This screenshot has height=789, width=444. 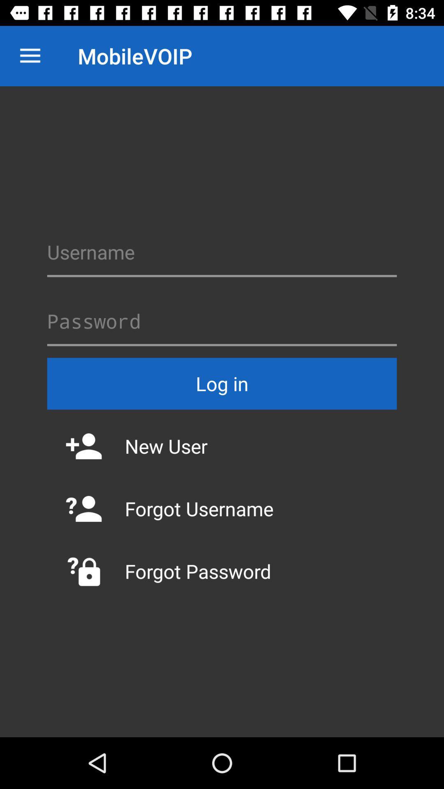 I want to click on log in, so click(x=222, y=383).